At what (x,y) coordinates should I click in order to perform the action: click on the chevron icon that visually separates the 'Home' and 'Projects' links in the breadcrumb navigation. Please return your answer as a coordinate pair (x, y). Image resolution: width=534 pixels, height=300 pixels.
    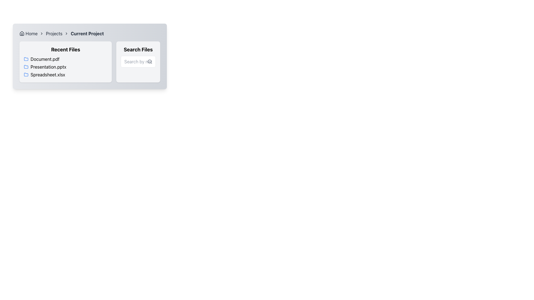
    Looking at the image, I should click on (41, 33).